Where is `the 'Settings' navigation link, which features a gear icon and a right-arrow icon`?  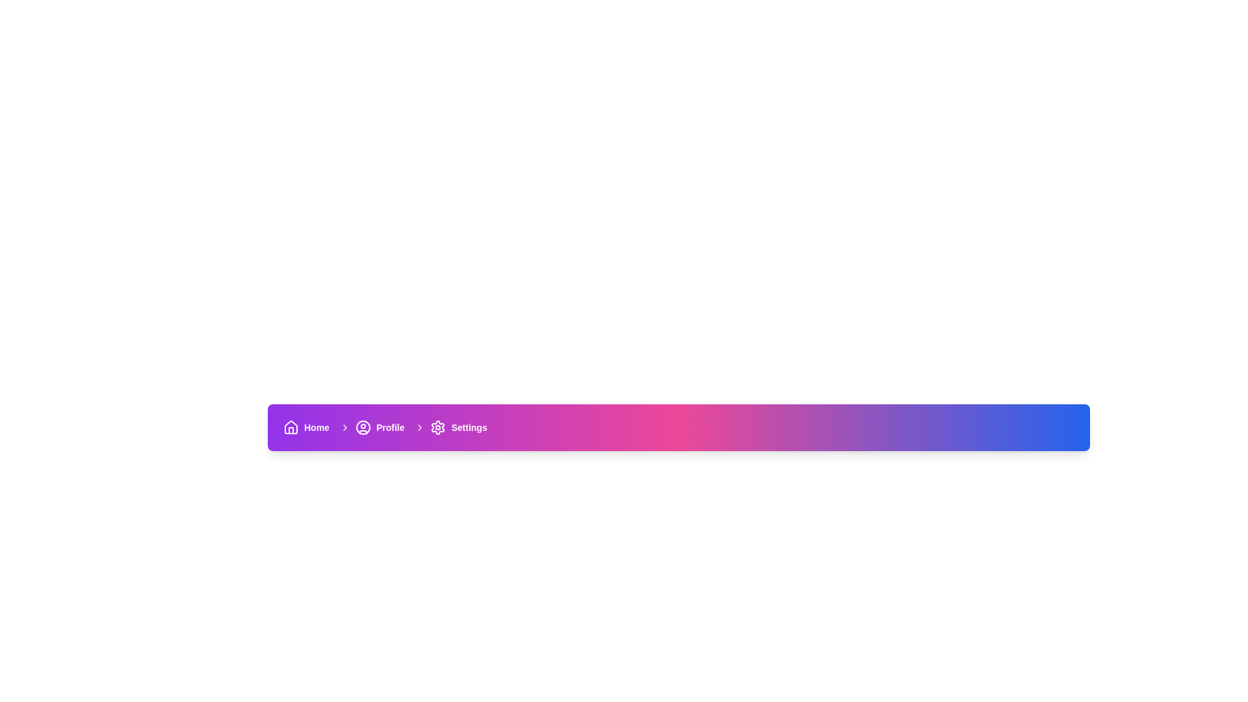
the 'Settings' navigation link, which features a gear icon and a right-arrow icon is located at coordinates (451, 428).